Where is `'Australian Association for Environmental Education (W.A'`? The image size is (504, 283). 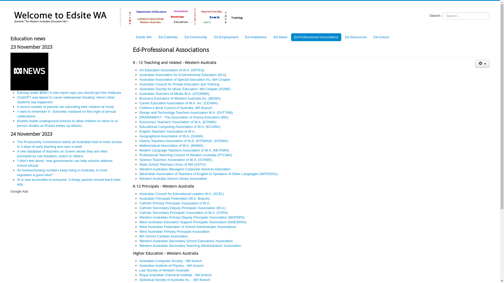 'Australian Association for Environmental Education (W.A' is located at coordinates (182, 75).